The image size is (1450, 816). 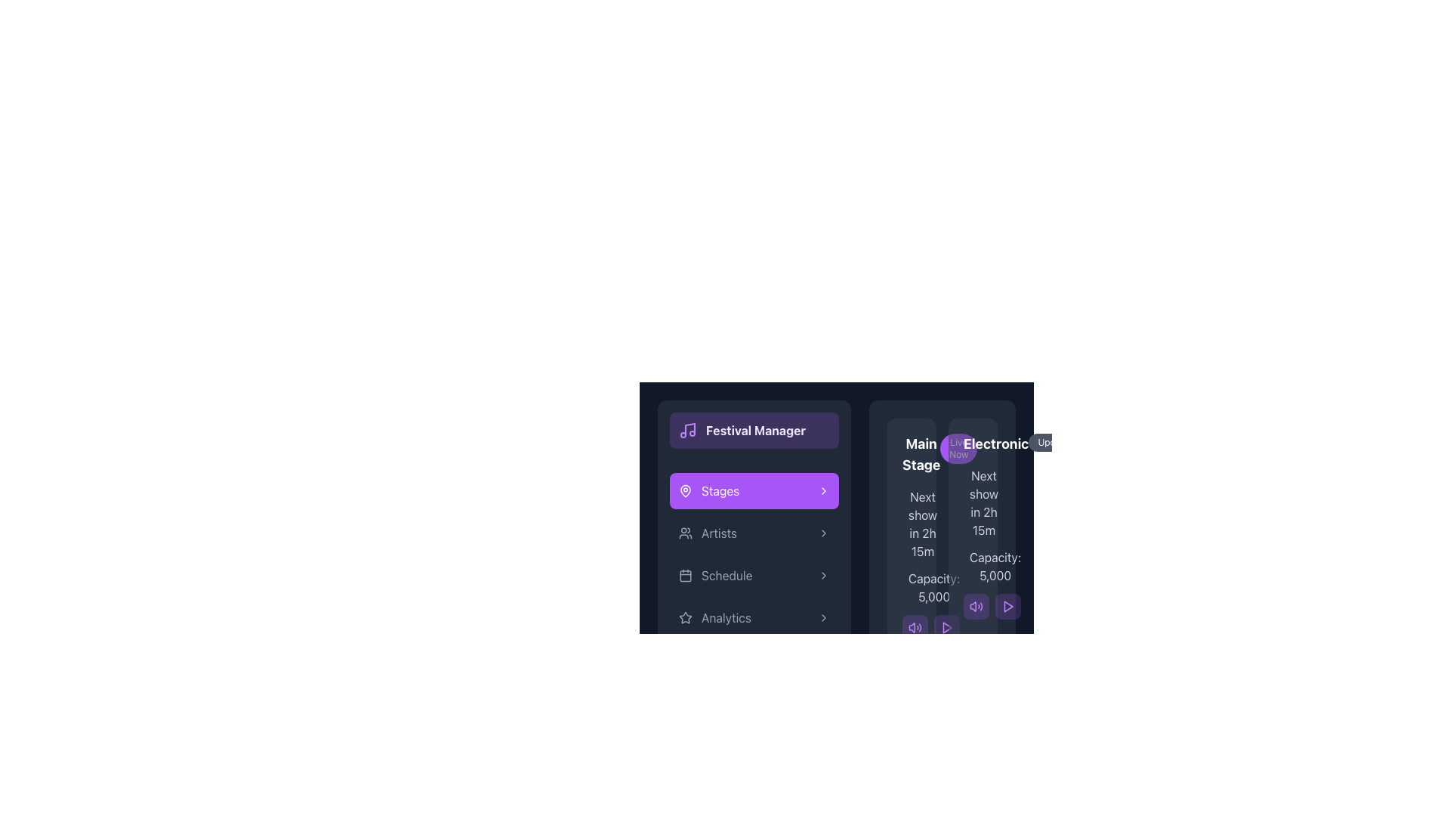 I want to click on the purple speaker icon button with sound waves, so click(x=973, y=605).